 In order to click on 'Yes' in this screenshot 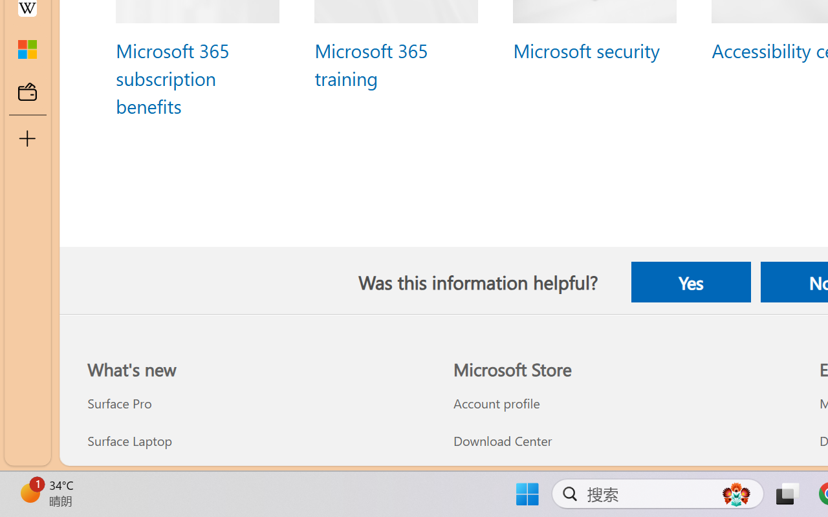, I will do `click(690, 281)`.